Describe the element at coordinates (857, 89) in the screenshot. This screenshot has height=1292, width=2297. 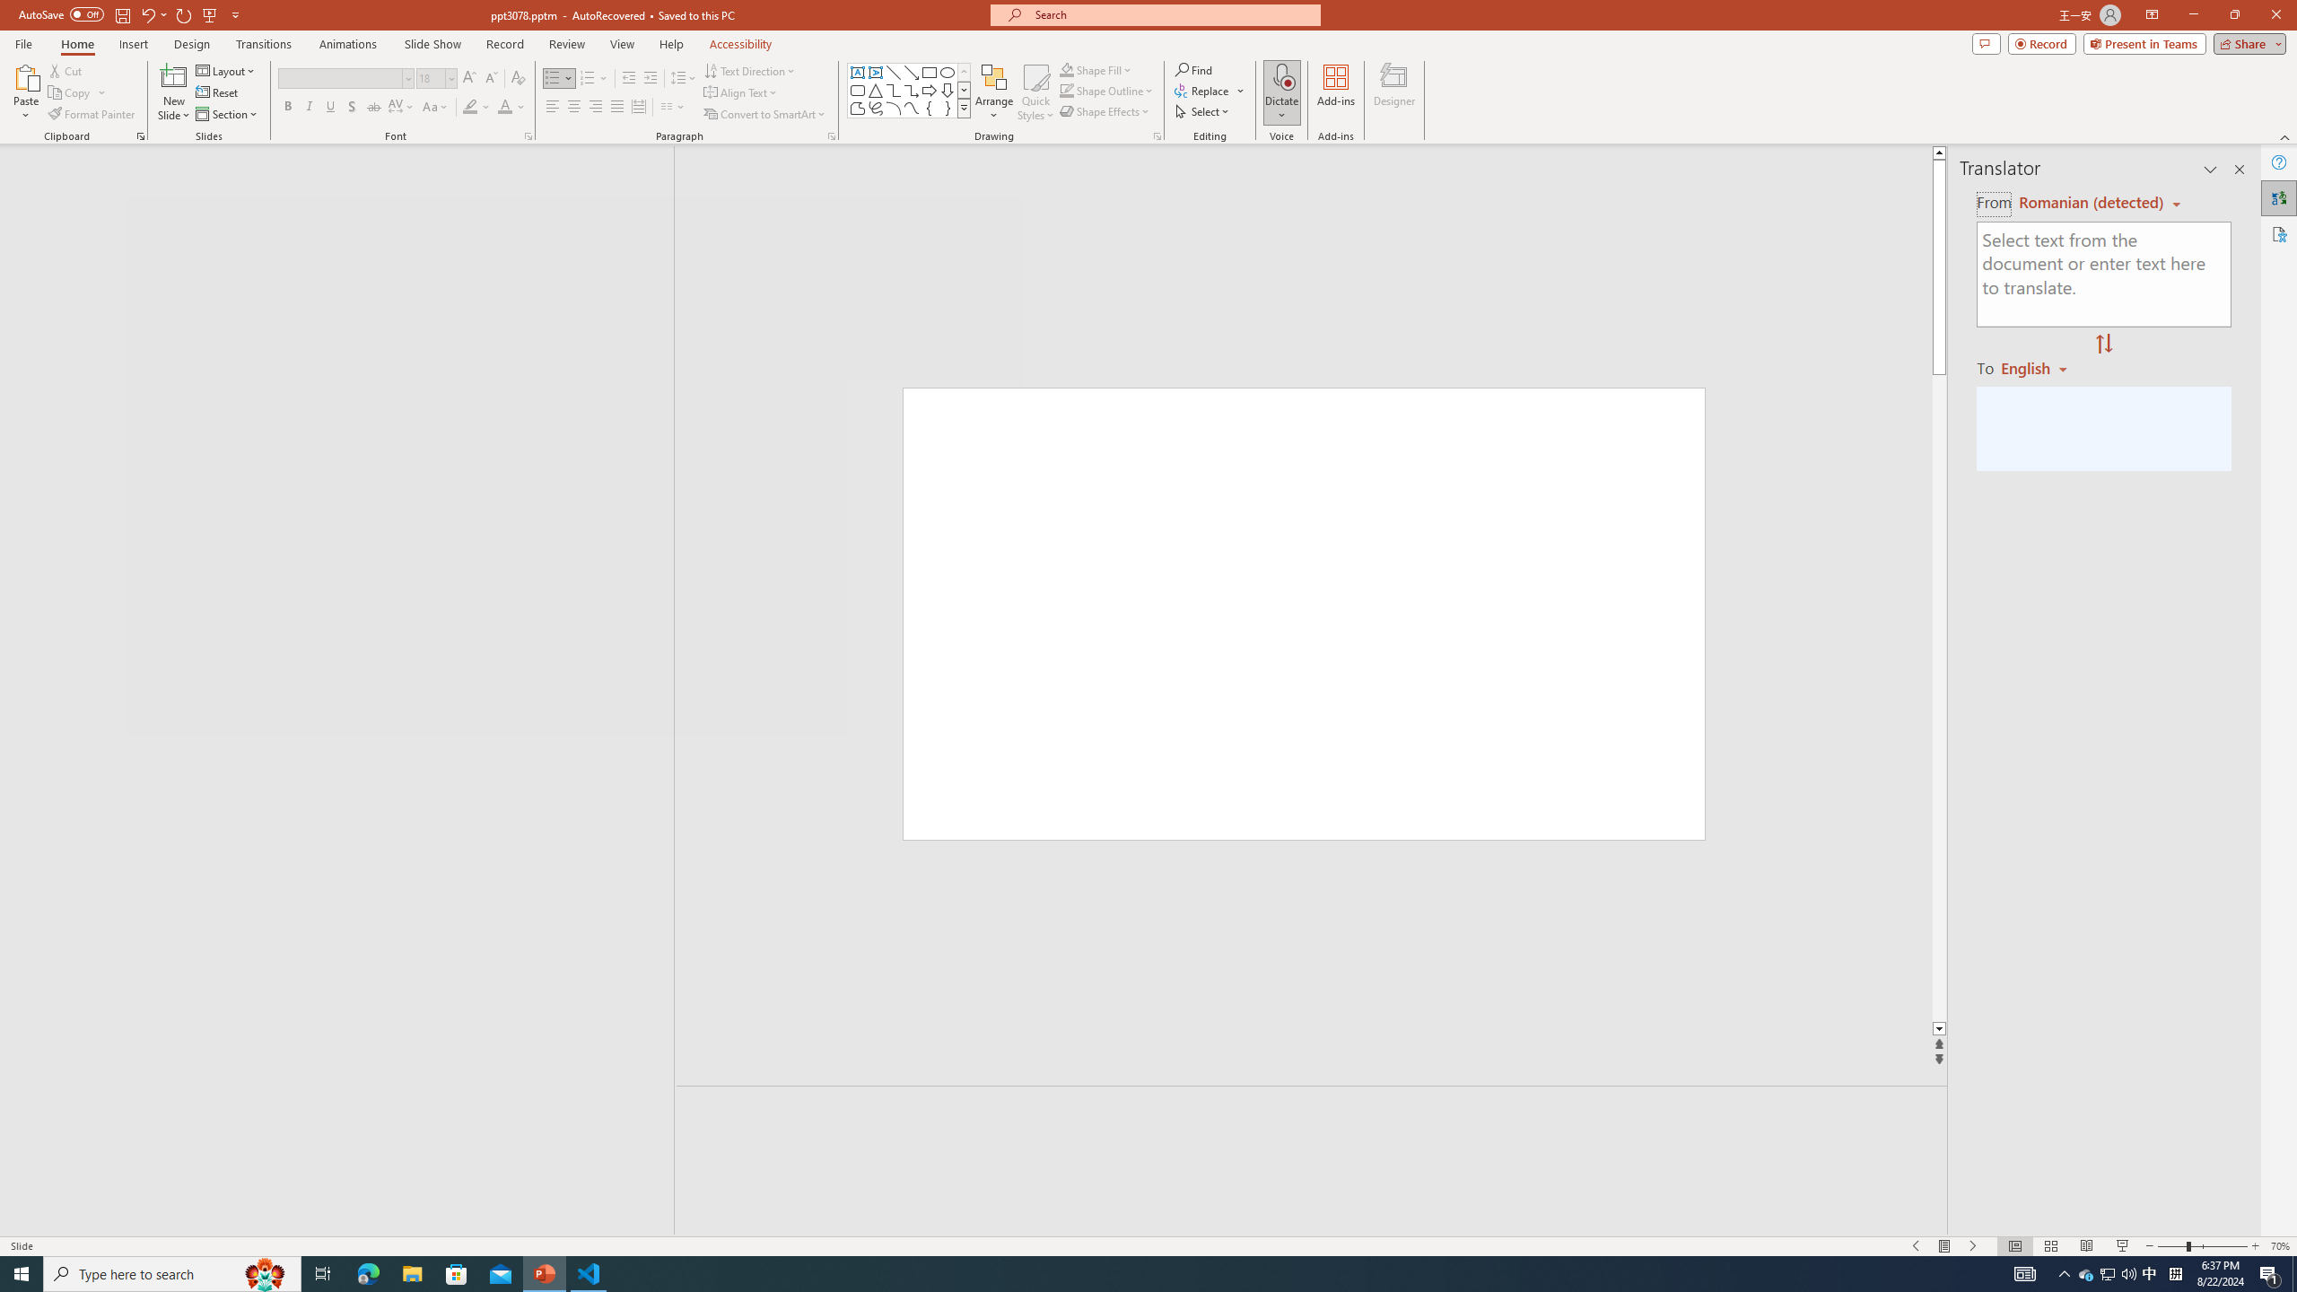
I see `'Rectangle: Rounded Corners'` at that location.